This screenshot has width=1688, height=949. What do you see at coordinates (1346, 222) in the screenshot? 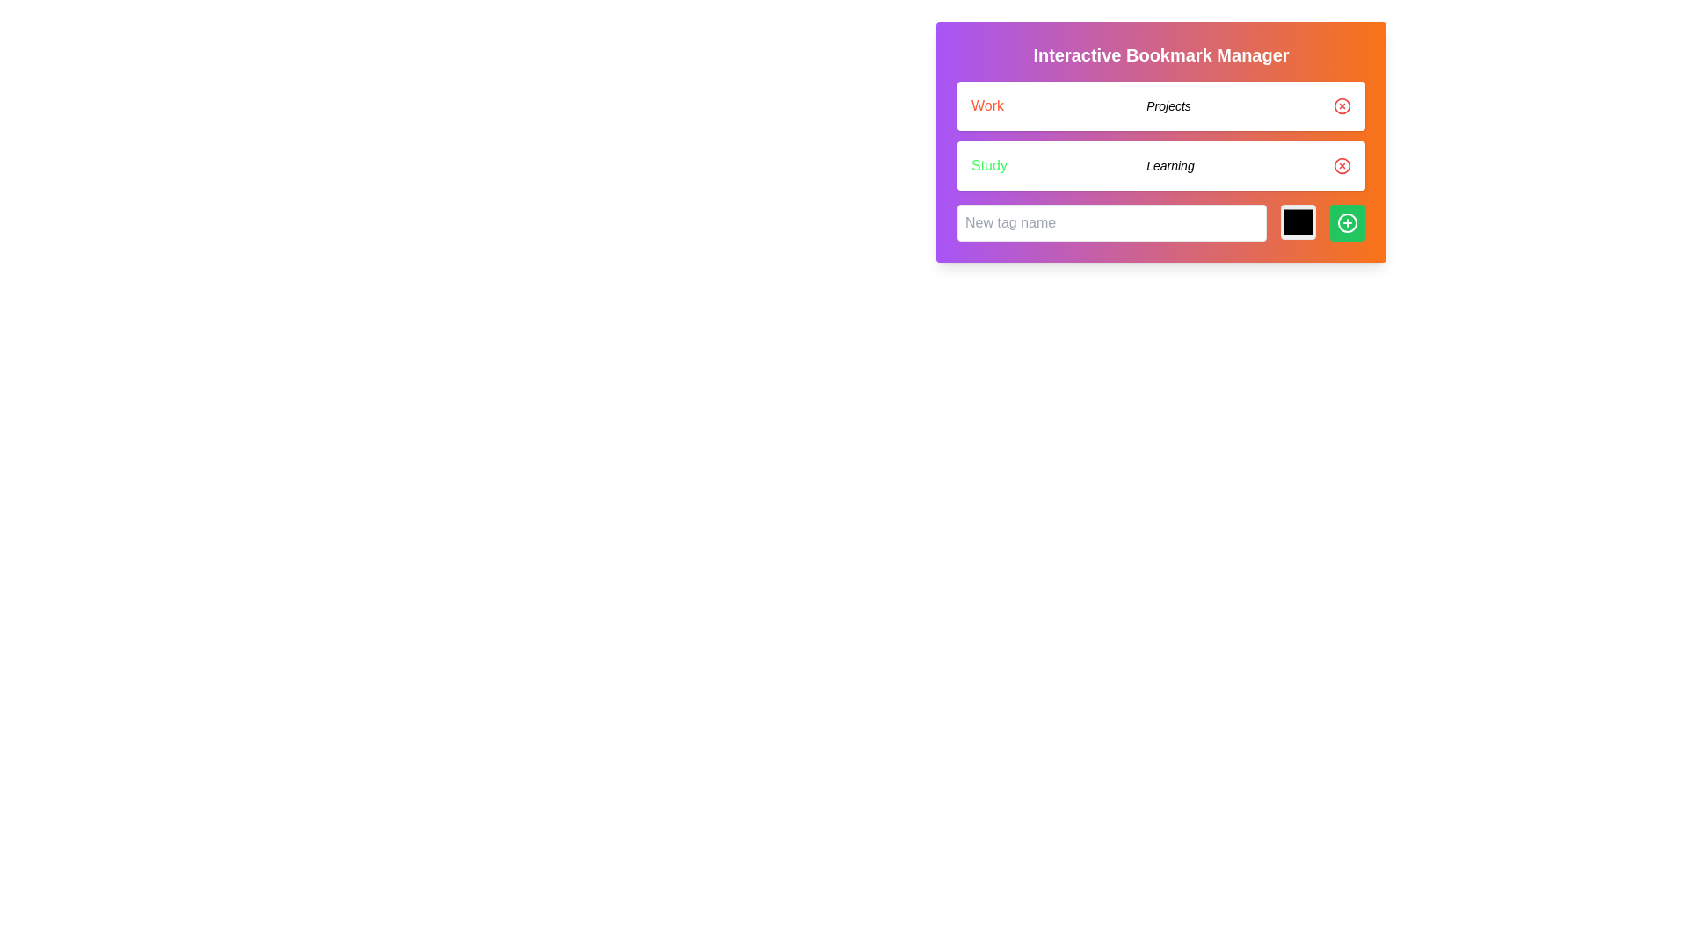
I see `the circular plus icon with a green background located at the bottom right corner of the interactive panel` at bounding box center [1346, 222].